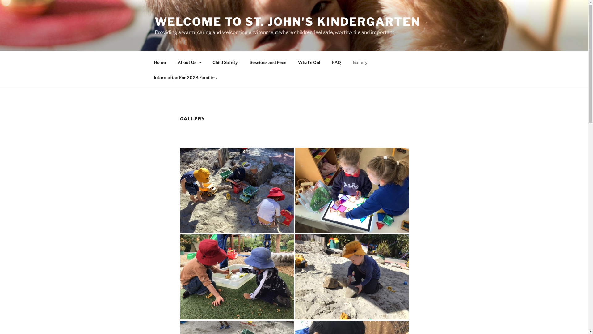  What do you see at coordinates (360, 62) in the screenshot?
I see `'Gallery'` at bounding box center [360, 62].